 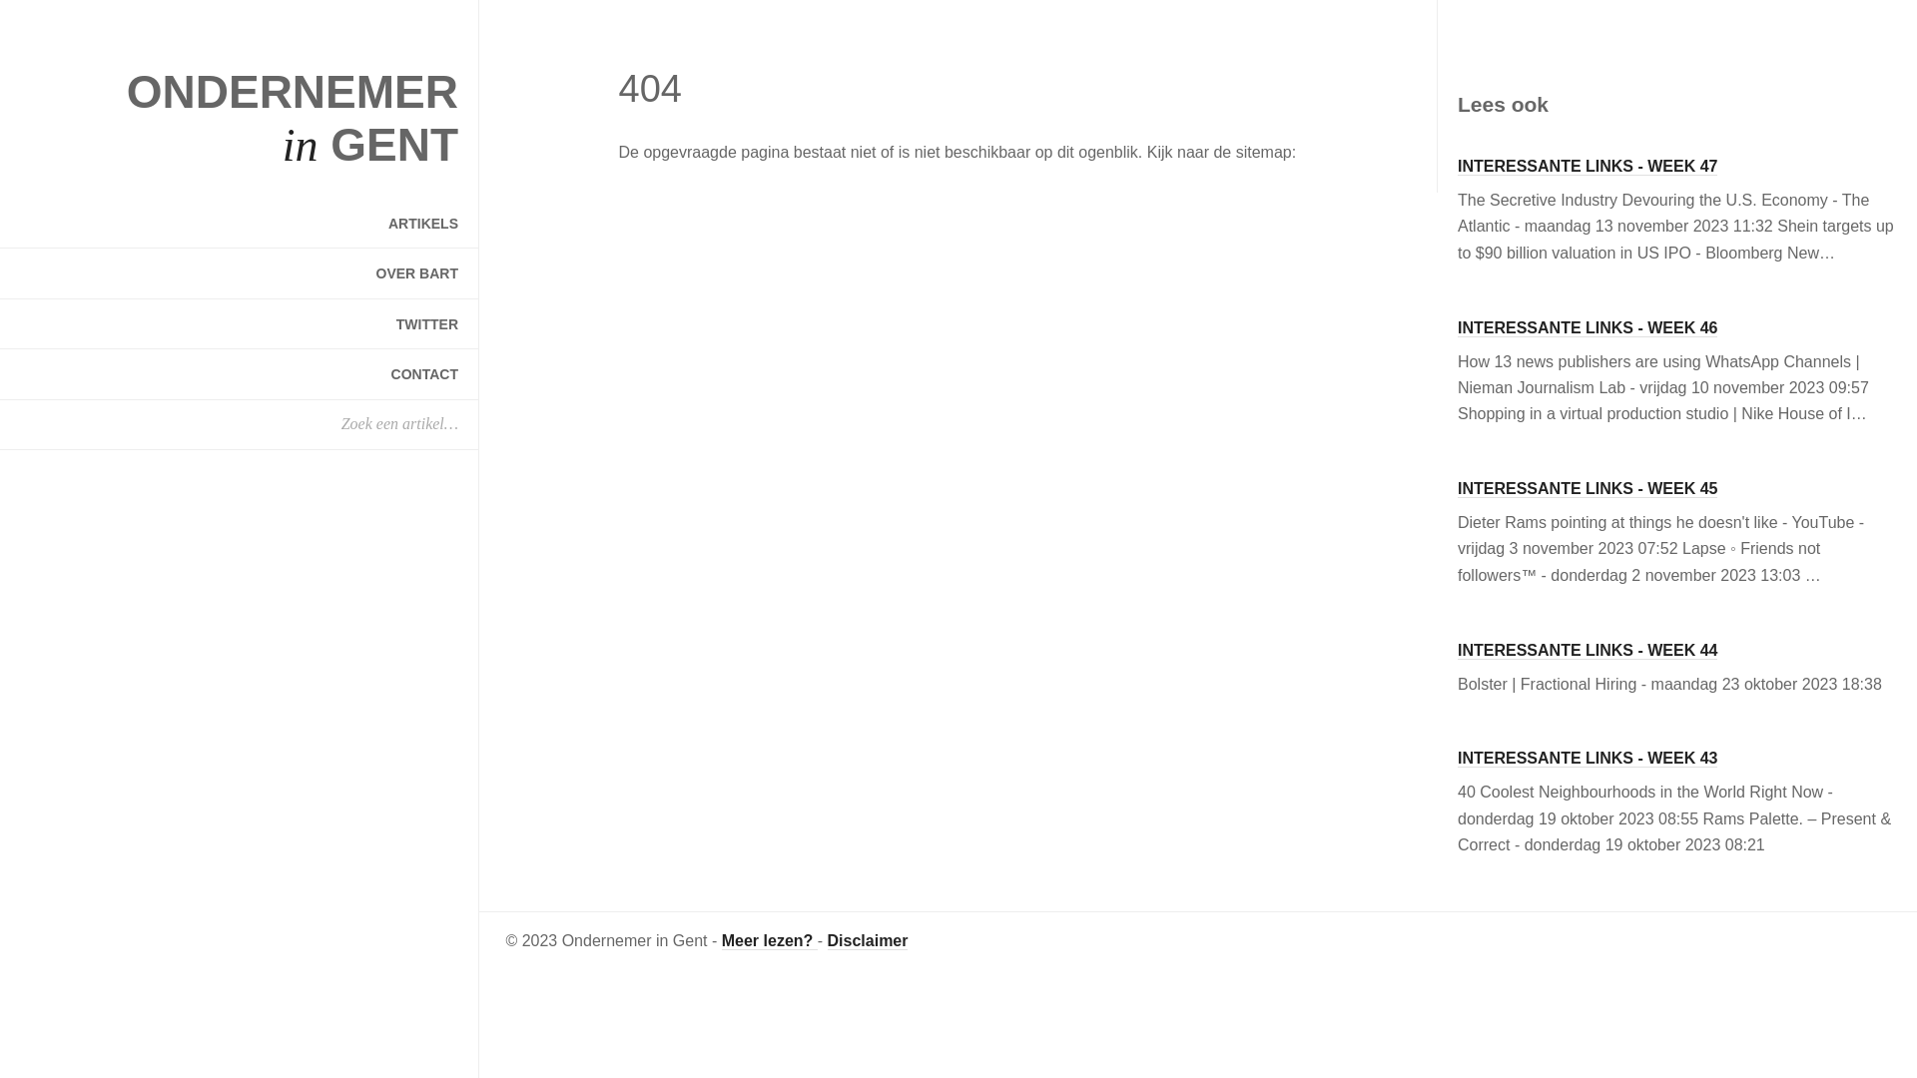 What do you see at coordinates (239, 223) in the screenshot?
I see `'ARTIKELS'` at bounding box center [239, 223].